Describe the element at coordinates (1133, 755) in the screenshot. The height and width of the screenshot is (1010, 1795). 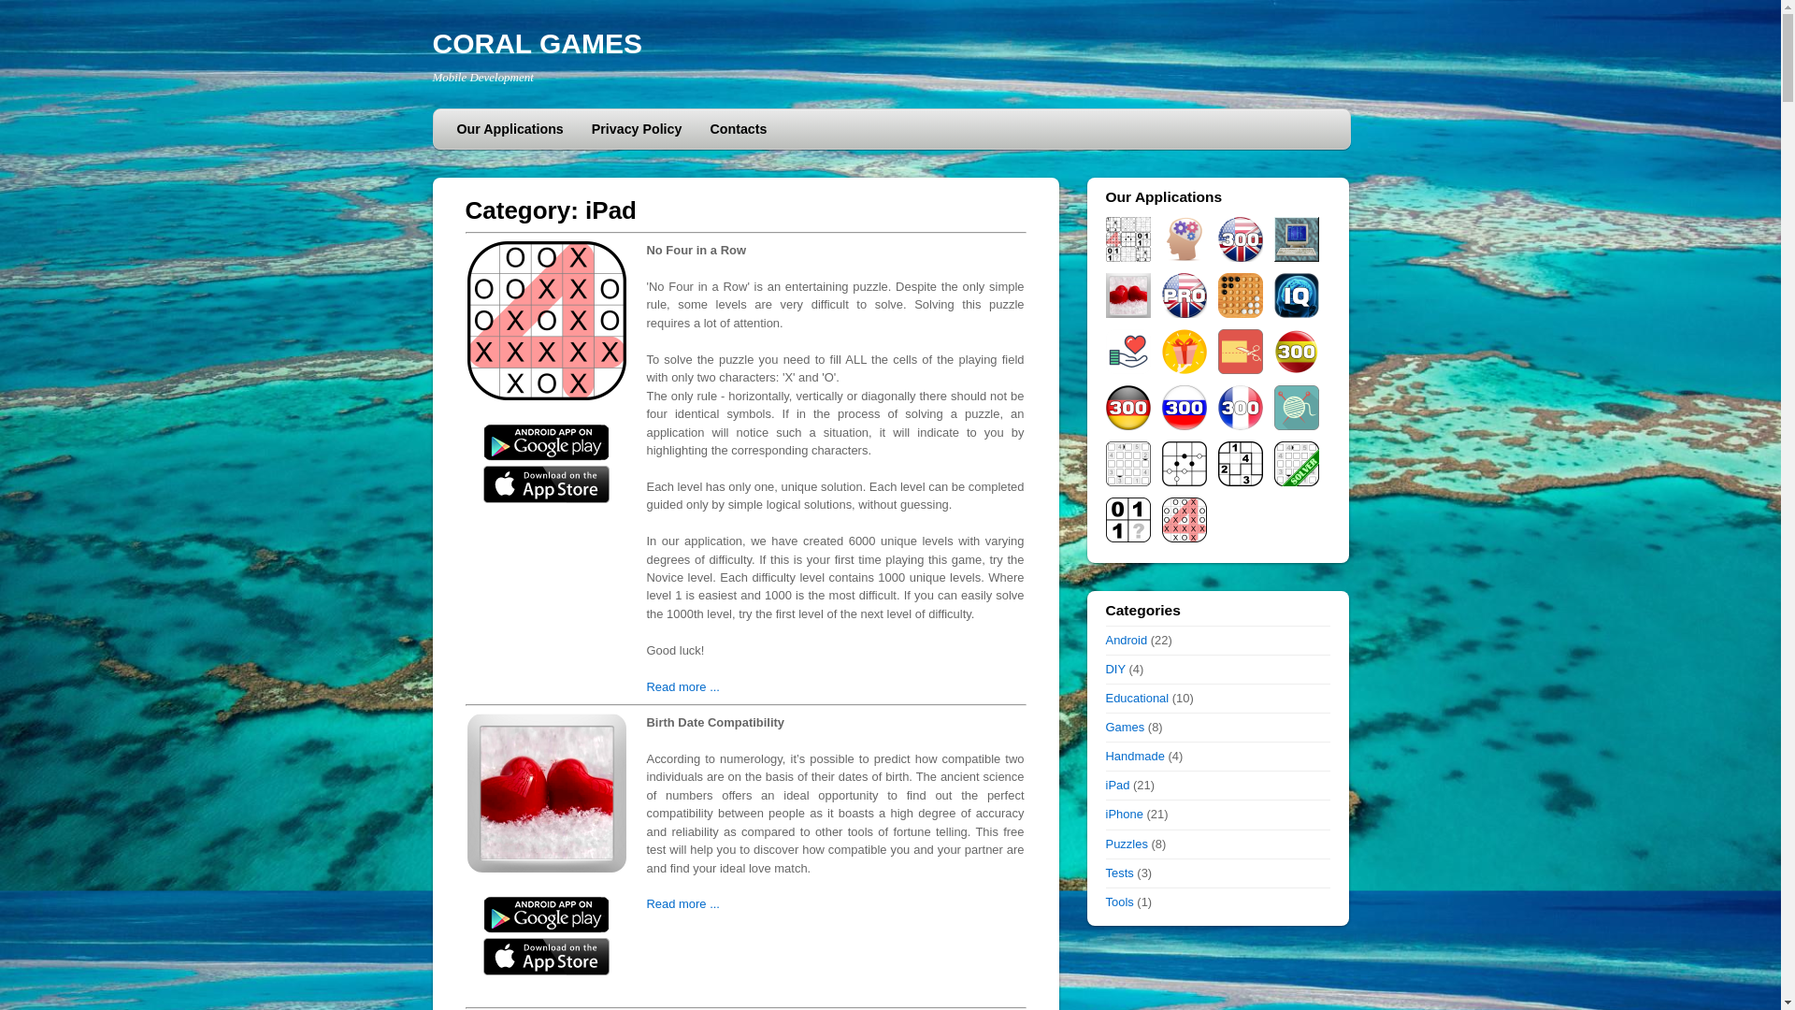
I see `'Handmade'` at that location.